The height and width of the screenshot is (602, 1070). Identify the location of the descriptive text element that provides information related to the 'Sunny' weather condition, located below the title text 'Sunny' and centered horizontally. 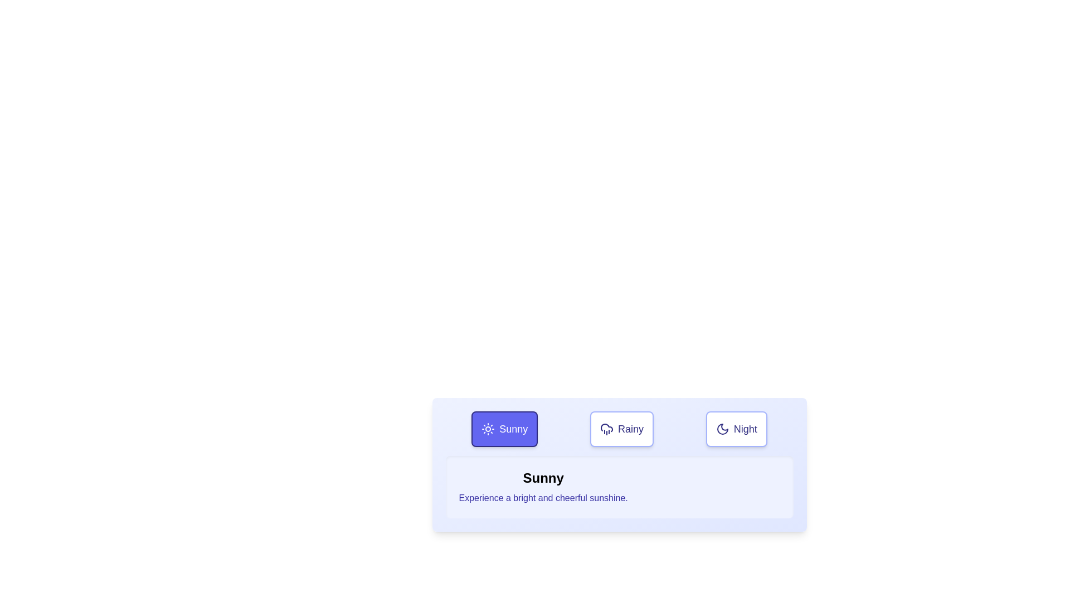
(543, 498).